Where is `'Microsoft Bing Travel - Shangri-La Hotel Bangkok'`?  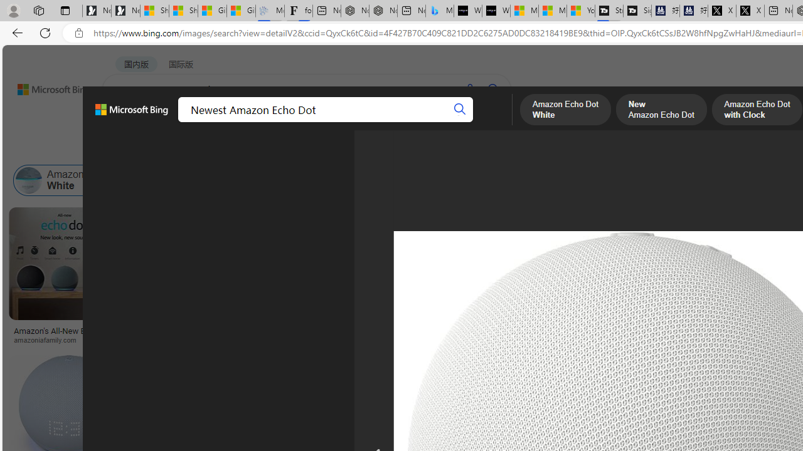 'Microsoft Bing Travel - Shangri-La Hotel Bangkok' is located at coordinates (439, 11).